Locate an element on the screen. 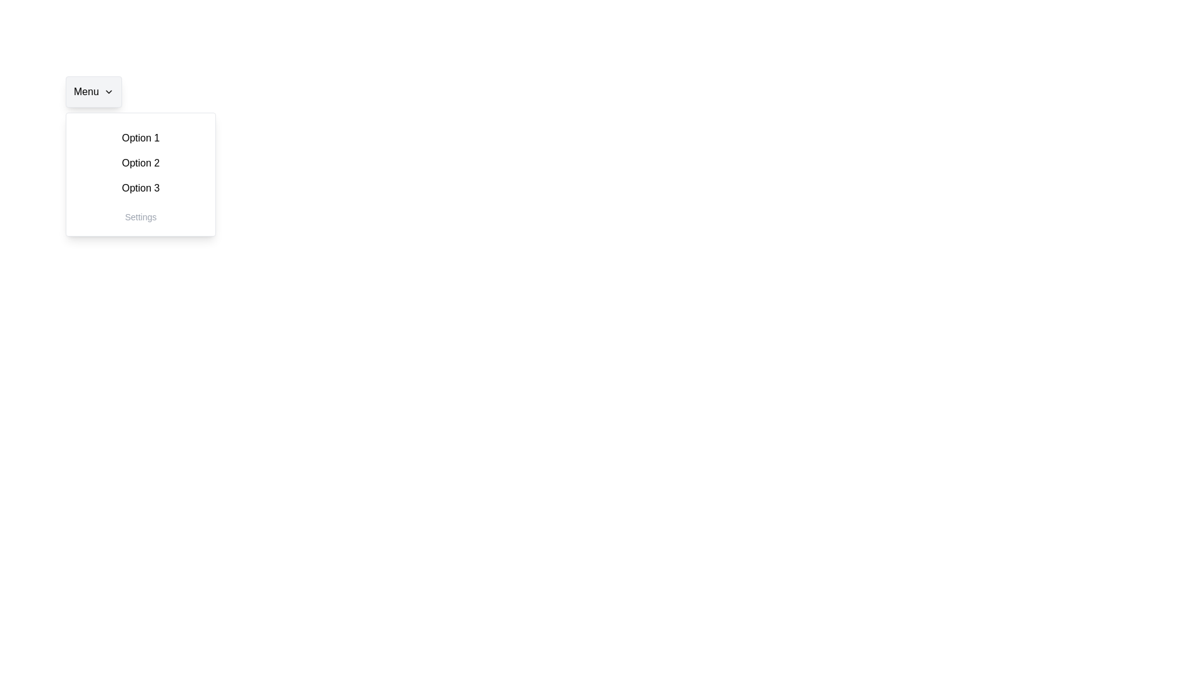 This screenshot has width=1202, height=676. the chevron icon located at the far-right end of the 'Menu' button to potentially highlight or preview the dropdown options is located at coordinates (108, 91).